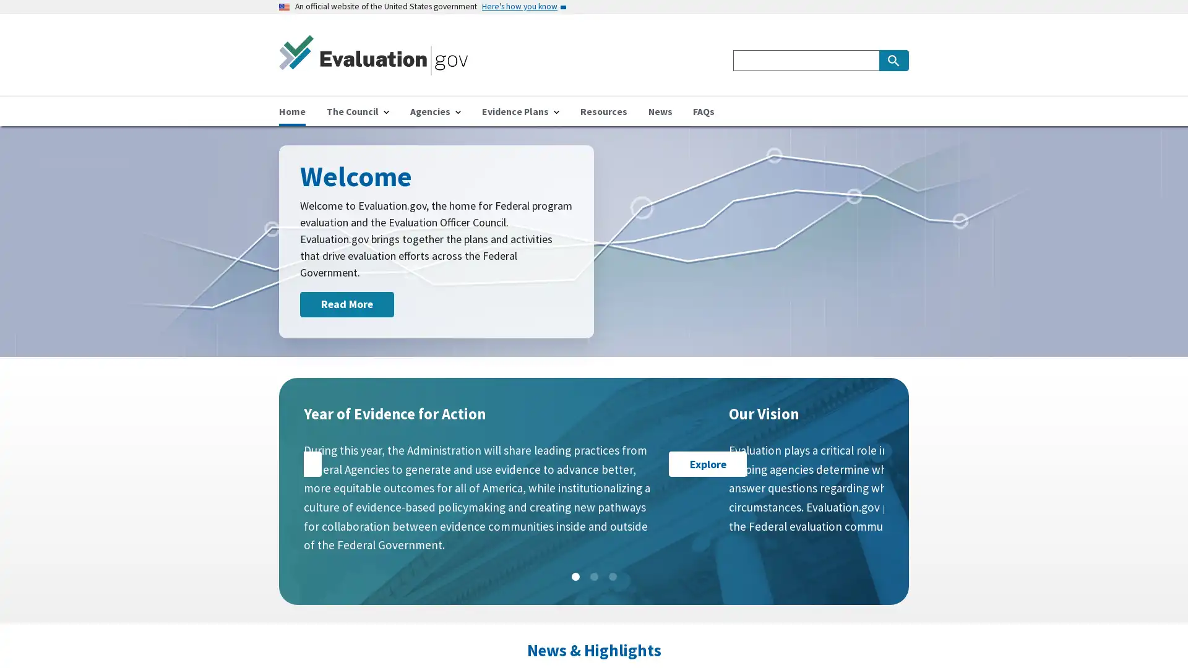  Describe the element at coordinates (520, 111) in the screenshot. I see `Evidence Plans` at that location.